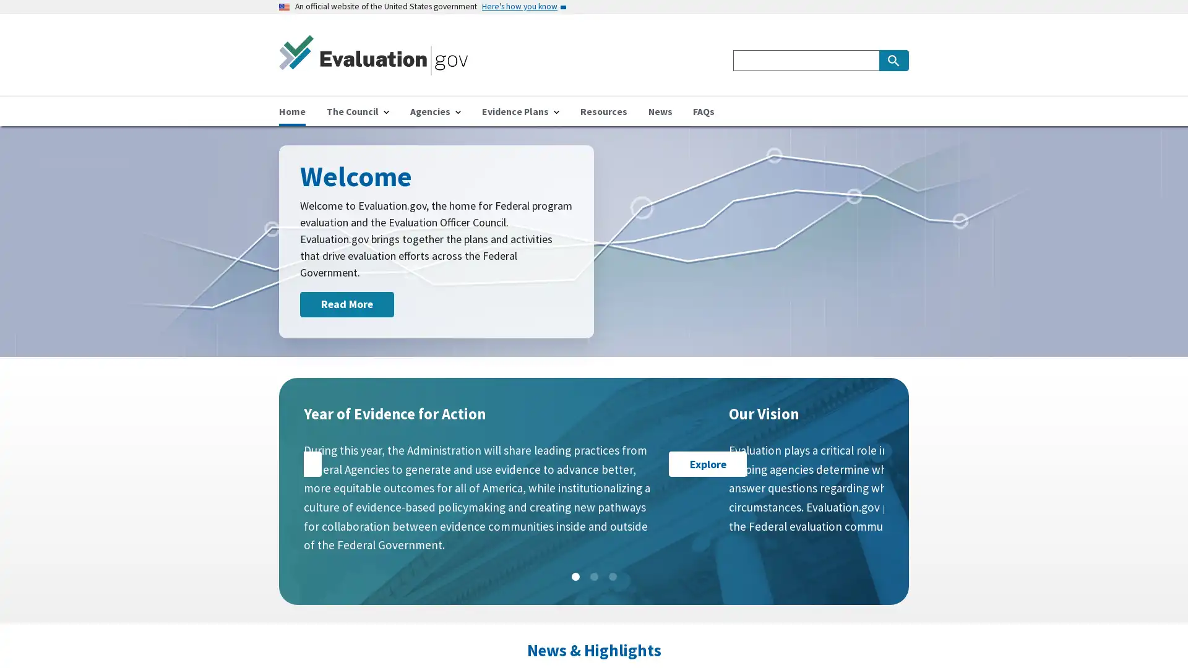  Describe the element at coordinates (520, 111) in the screenshot. I see `Evidence Plans` at that location.